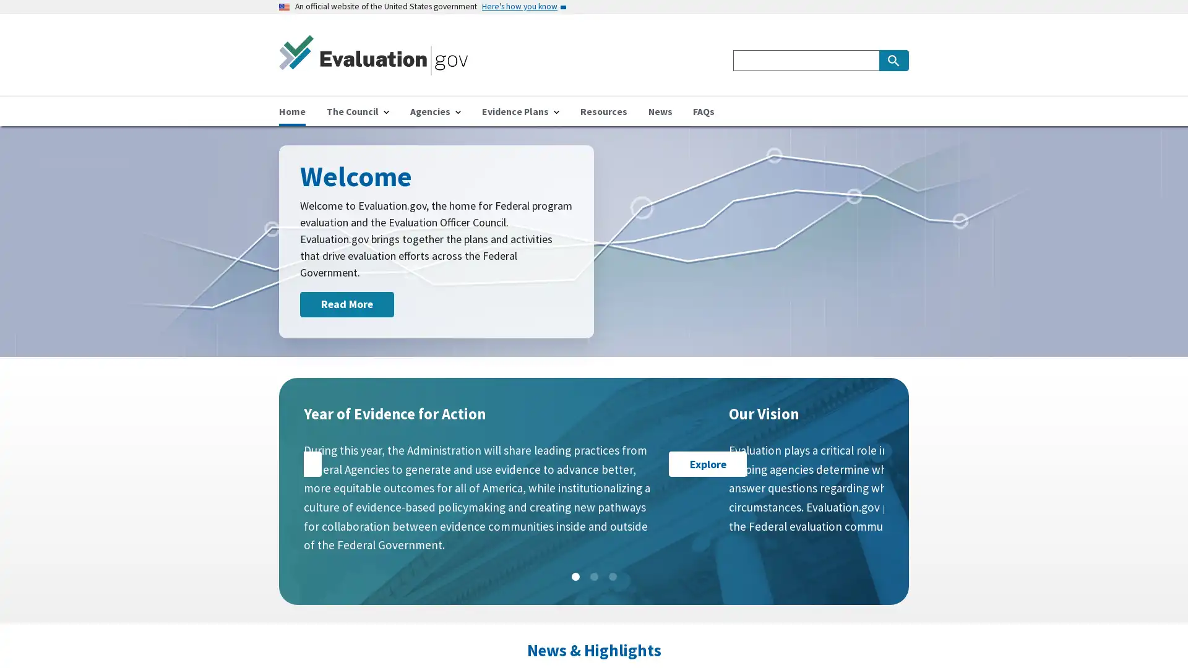  Describe the element at coordinates (520, 111) in the screenshot. I see `Evidence Plans` at that location.